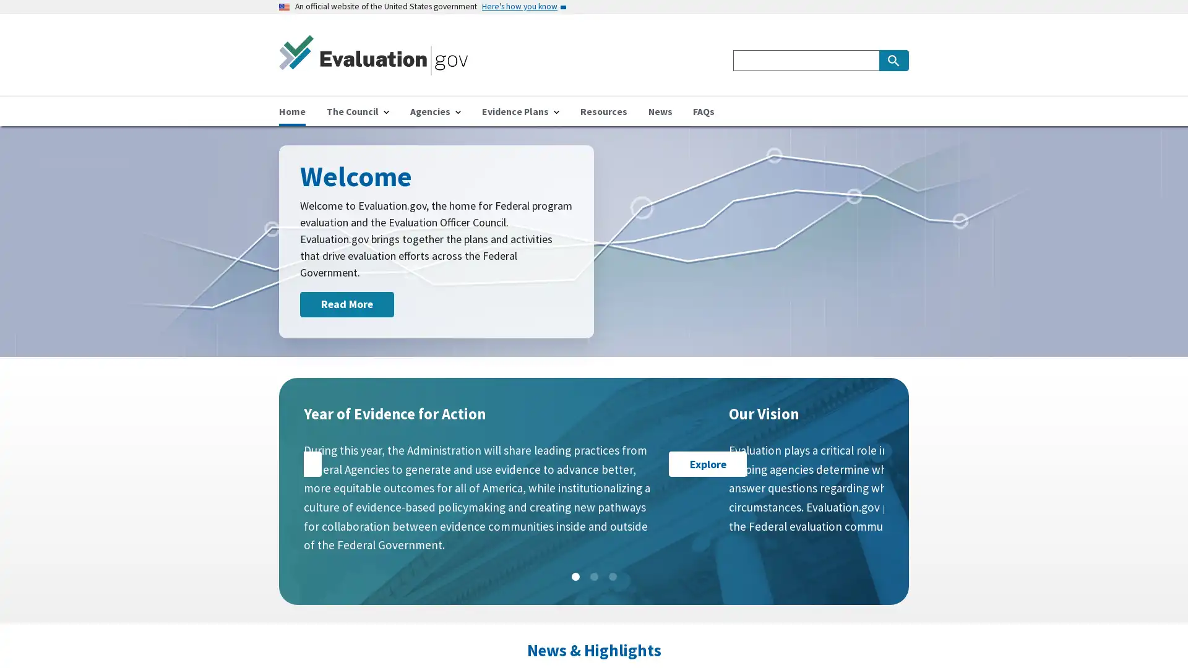  Describe the element at coordinates (520, 111) in the screenshot. I see `Evidence Plans` at that location.